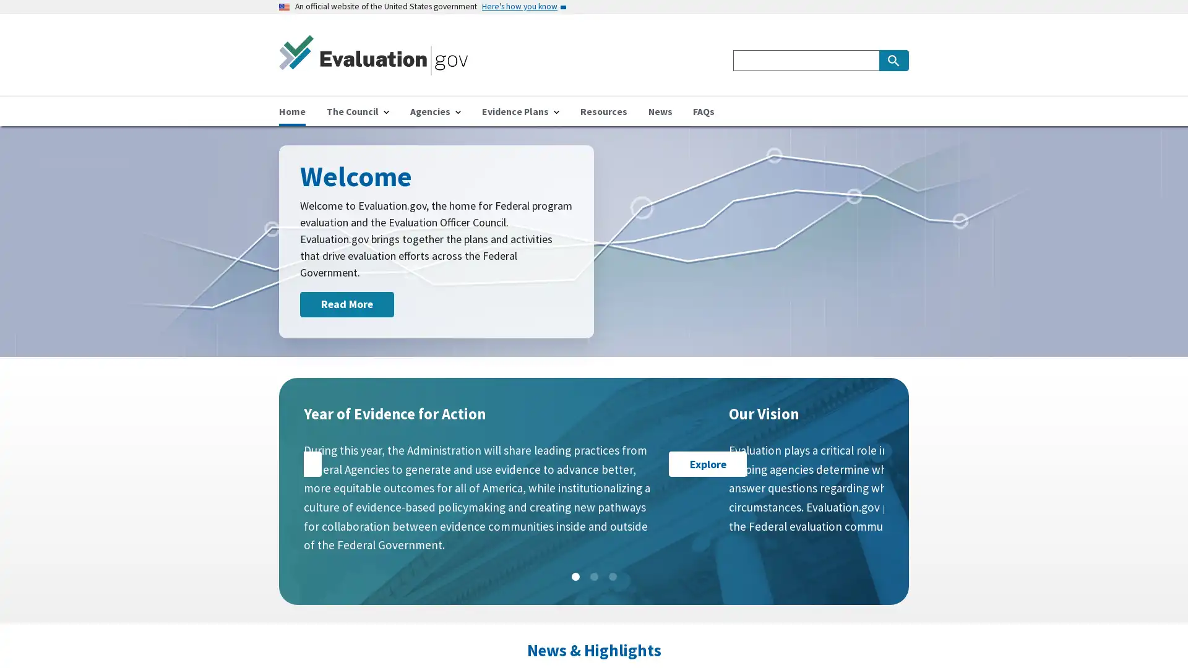  Describe the element at coordinates (520, 111) in the screenshot. I see `Evidence Plans` at that location.